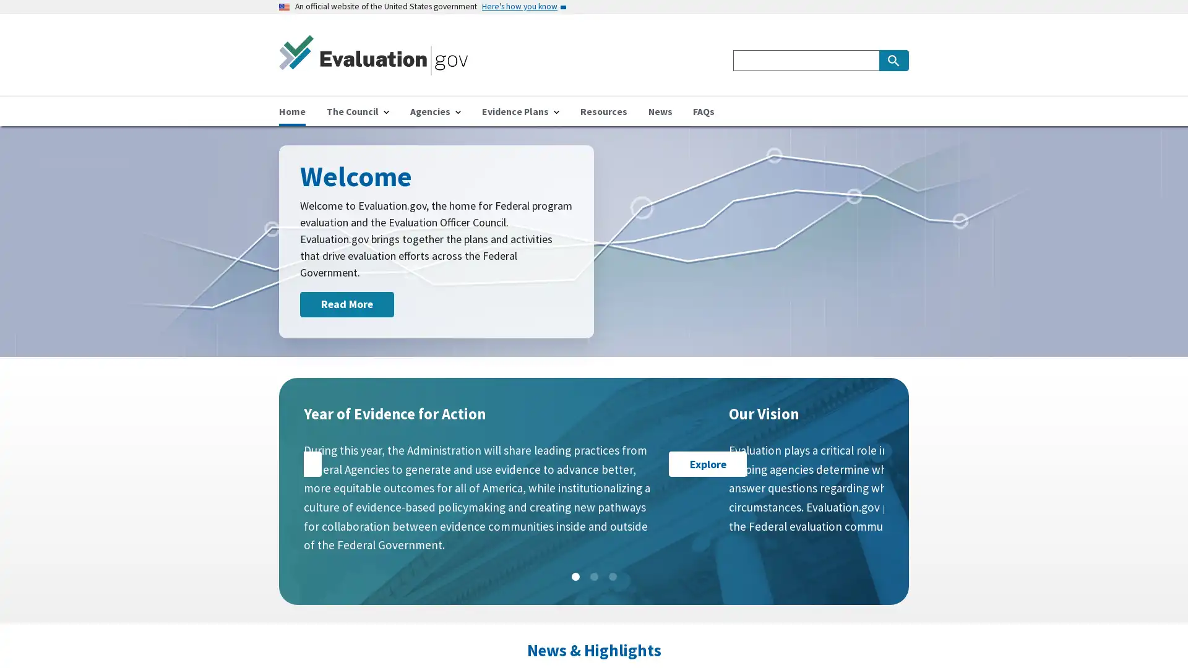  Describe the element at coordinates (520, 111) in the screenshot. I see `Evidence Plans` at that location.